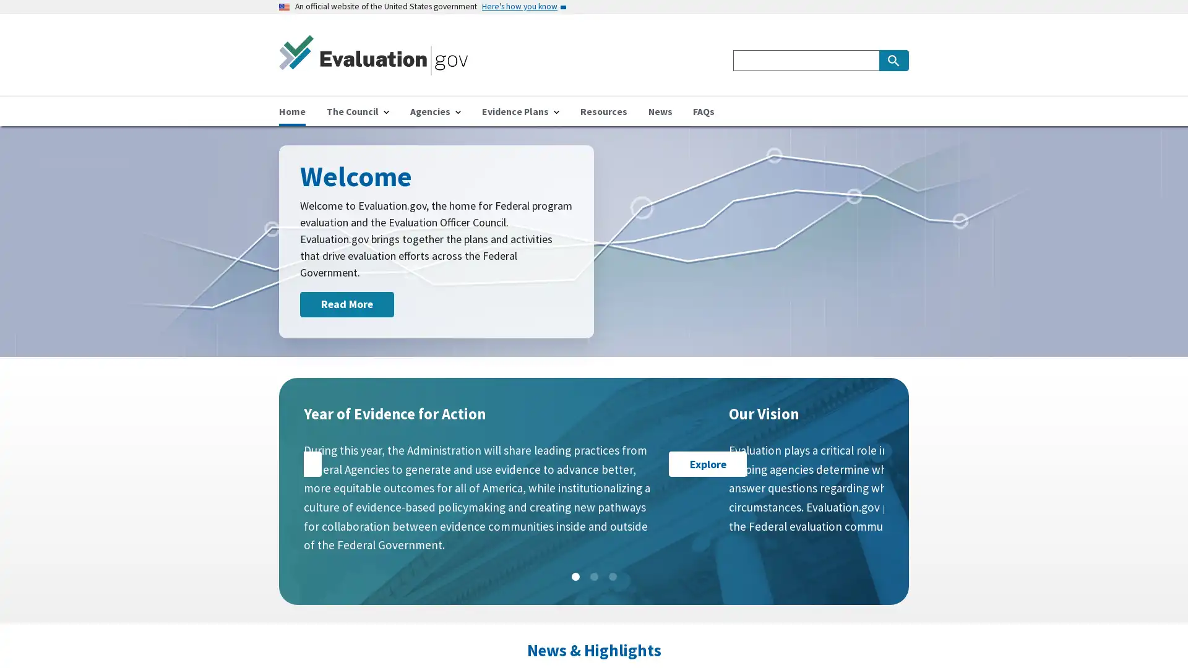  Describe the element at coordinates (520, 111) in the screenshot. I see `Evidence Plans` at that location.